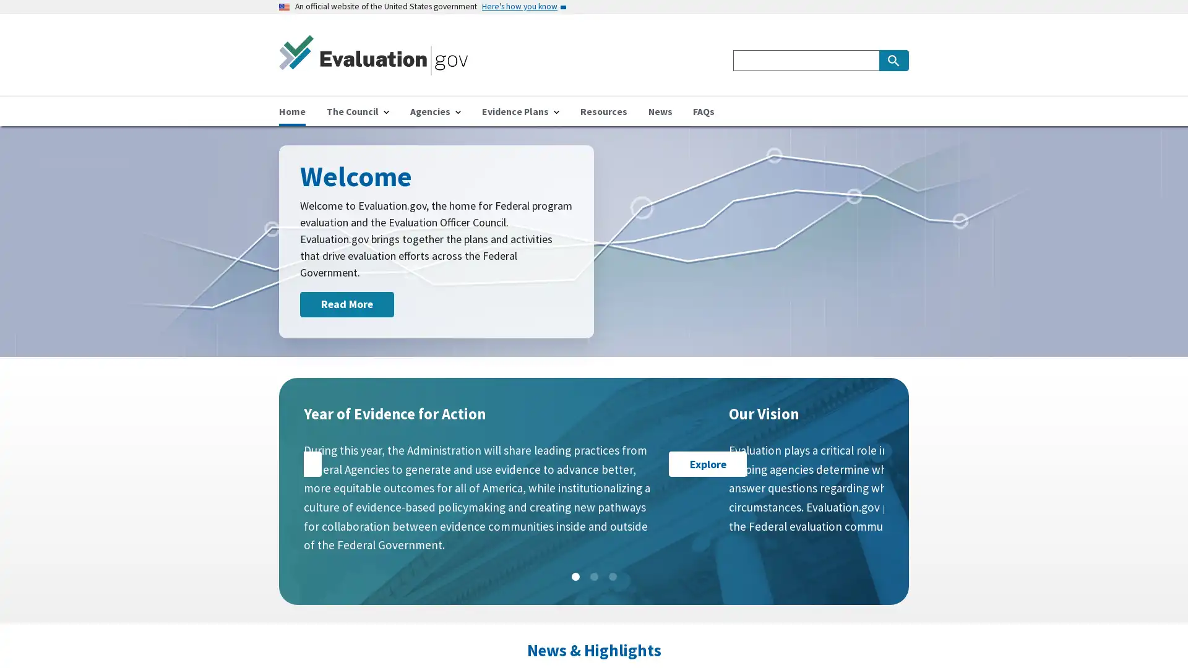  Describe the element at coordinates (520, 111) in the screenshot. I see `Evidence Plans` at that location.